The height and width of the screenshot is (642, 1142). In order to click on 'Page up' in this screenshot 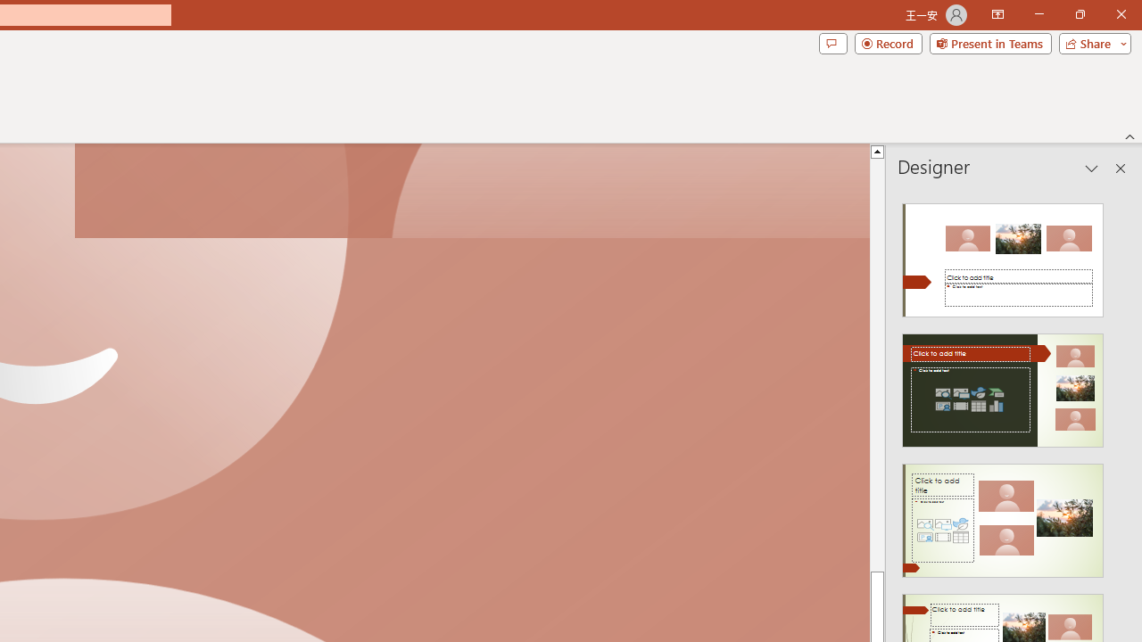, I will do `click(877, 364)`.